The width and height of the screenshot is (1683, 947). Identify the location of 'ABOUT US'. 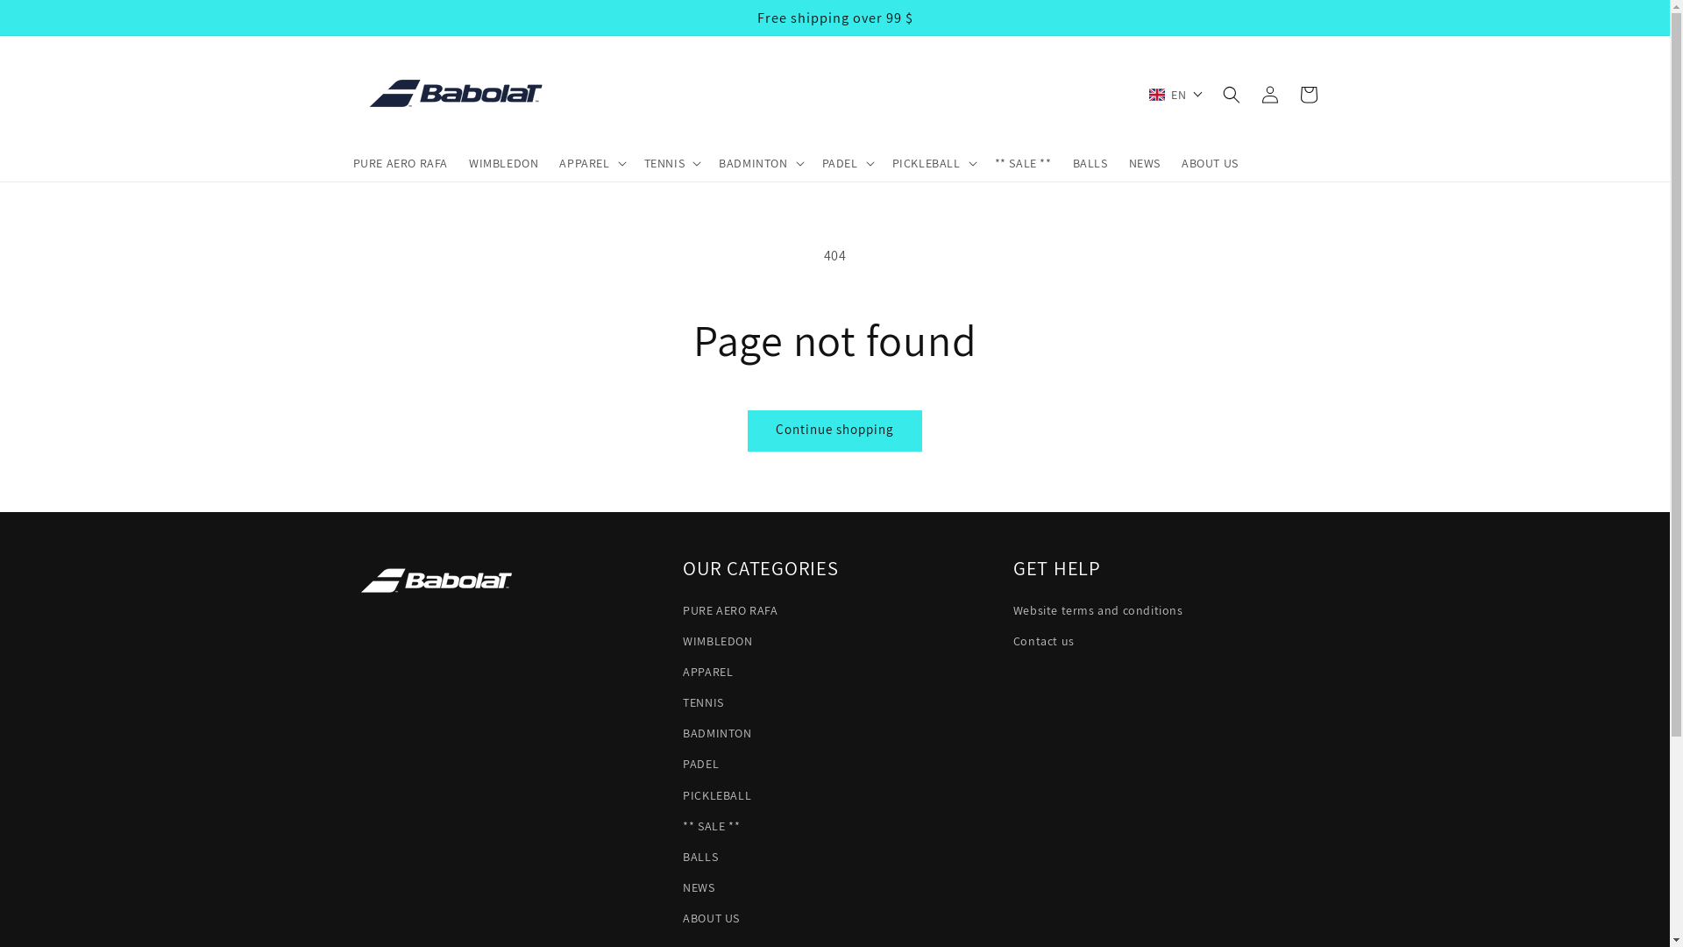
(711, 917).